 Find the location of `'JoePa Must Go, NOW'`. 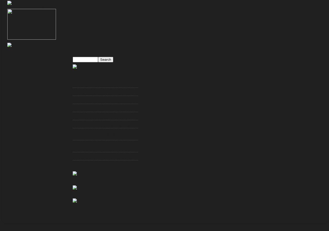

'JoePa Must Go, NOW' is located at coordinates (87, 93).